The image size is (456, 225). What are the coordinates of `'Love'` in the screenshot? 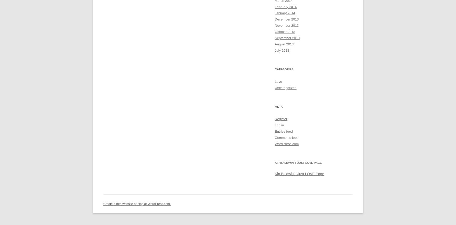 It's located at (278, 81).